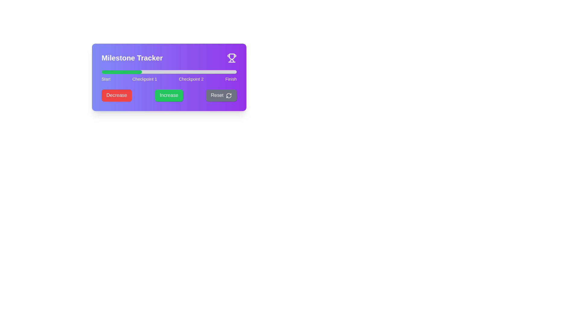 This screenshot has width=579, height=325. What do you see at coordinates (228, 95) in the screenshot?
I see `the refresh icon, which features a circular arrow design and is located next to the 'Reset' button` at bounding box center [228, 95].